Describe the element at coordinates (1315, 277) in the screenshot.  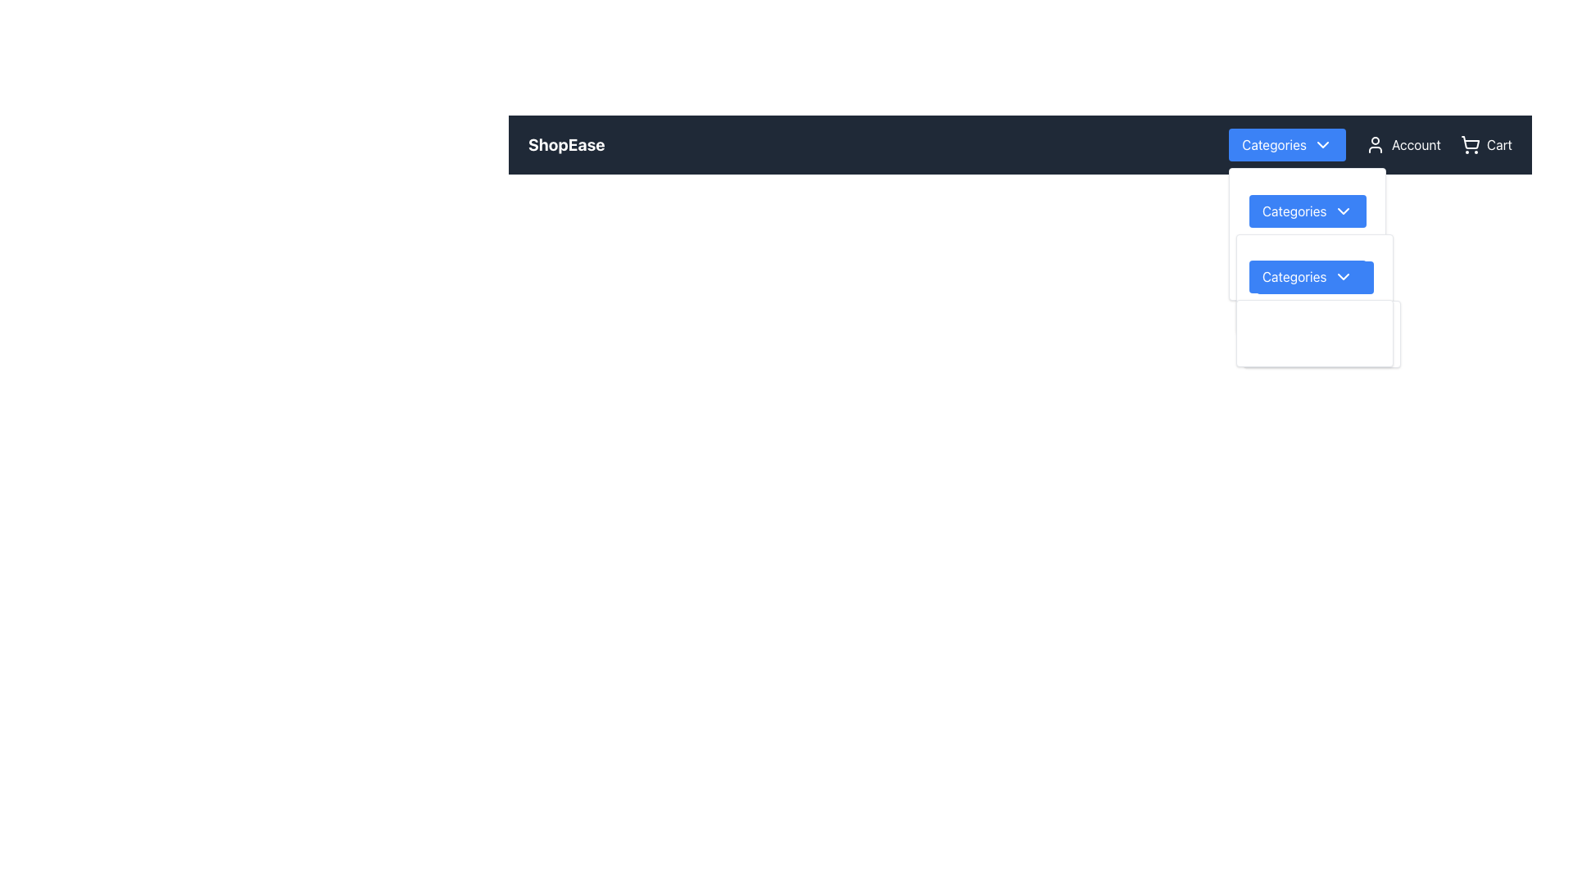
I see `the navigation bar category selection button located in the drop-down menu, which is the second option below the 'Categories' button` at that location.